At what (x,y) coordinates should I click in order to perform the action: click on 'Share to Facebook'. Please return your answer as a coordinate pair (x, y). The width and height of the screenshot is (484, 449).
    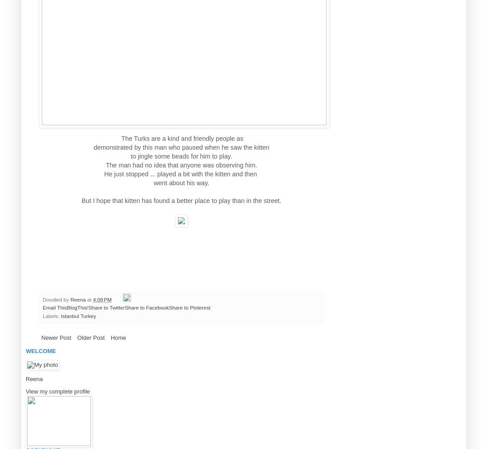
    Looking at the image, I should click on (146, 307).